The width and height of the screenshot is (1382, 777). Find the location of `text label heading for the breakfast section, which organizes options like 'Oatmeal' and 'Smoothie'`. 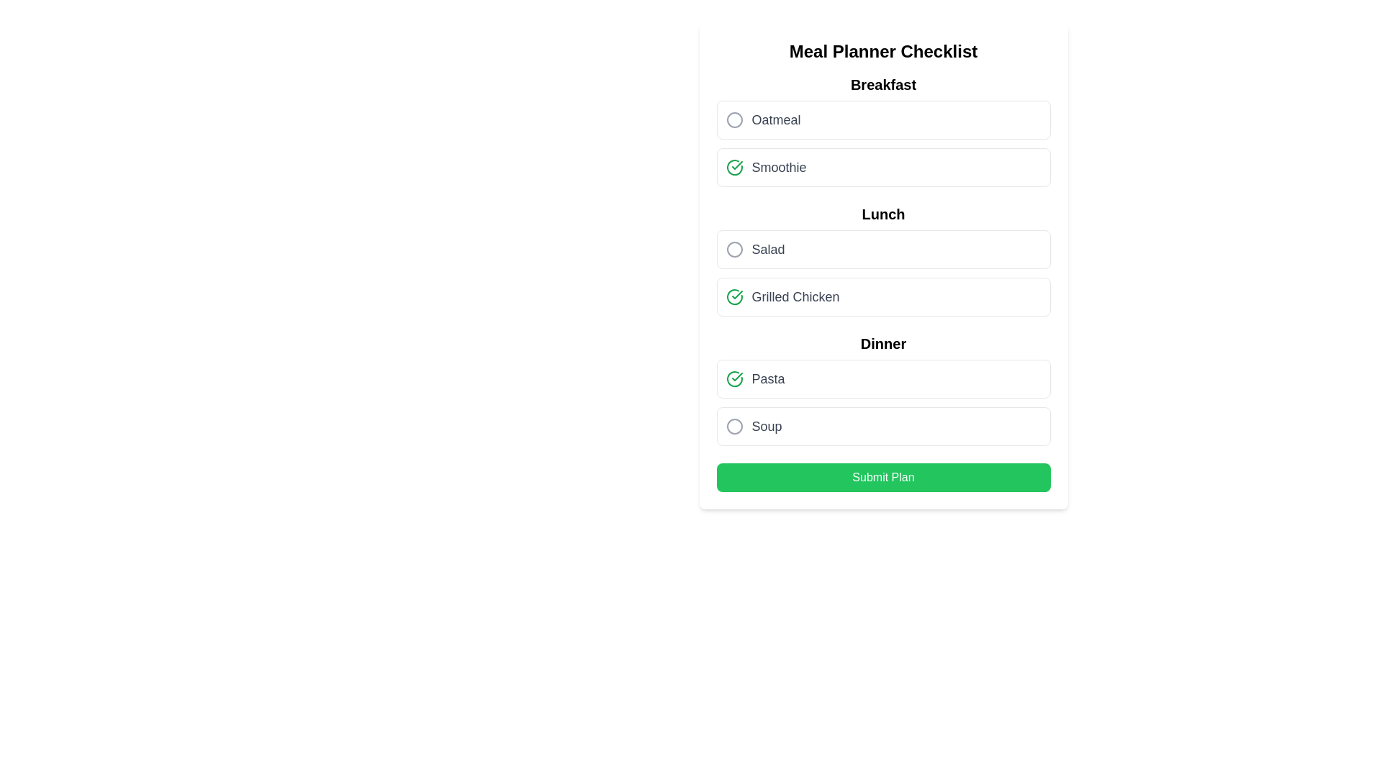

text label heading for the breakfast section, which organizes options like 'Oatmeal' and 'Smoothie' is located at coordinates (882, 85).